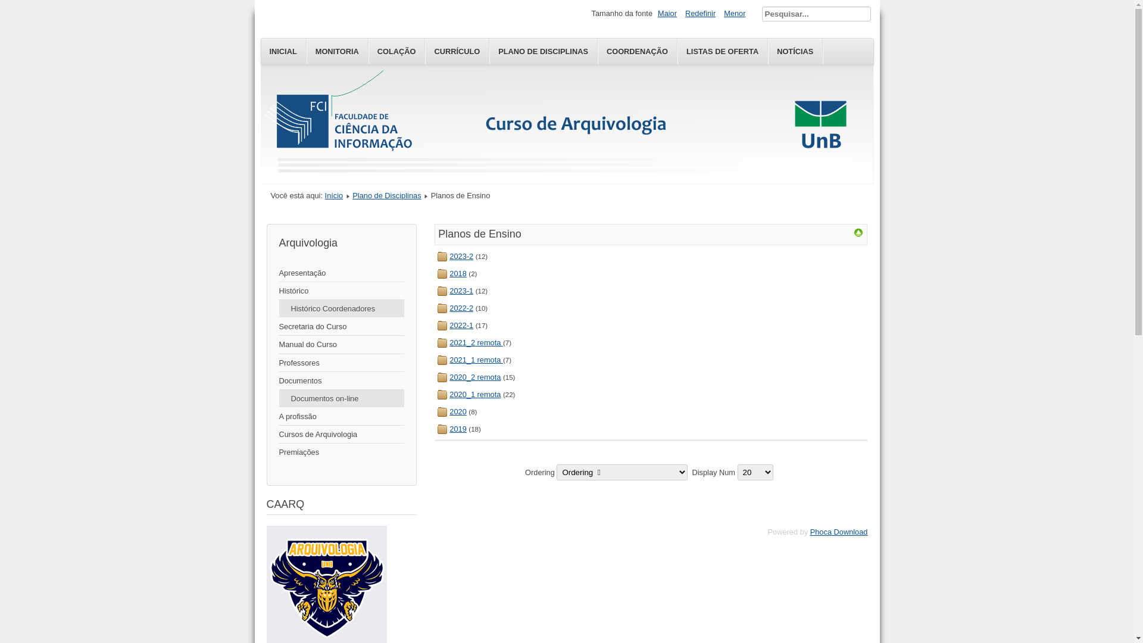 The height and width of the screenshot is (643, 1143). Describe the element at coordinates (277, 326) in the screenshot. I see `'Secretaria do Curso'` at that location.